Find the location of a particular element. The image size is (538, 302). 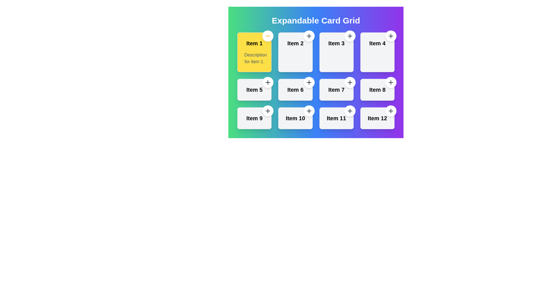

the circular button with a white background and a gray '+' icon located at the top-right corner of the 'Item 10' card is located at coordinates (309, 111).